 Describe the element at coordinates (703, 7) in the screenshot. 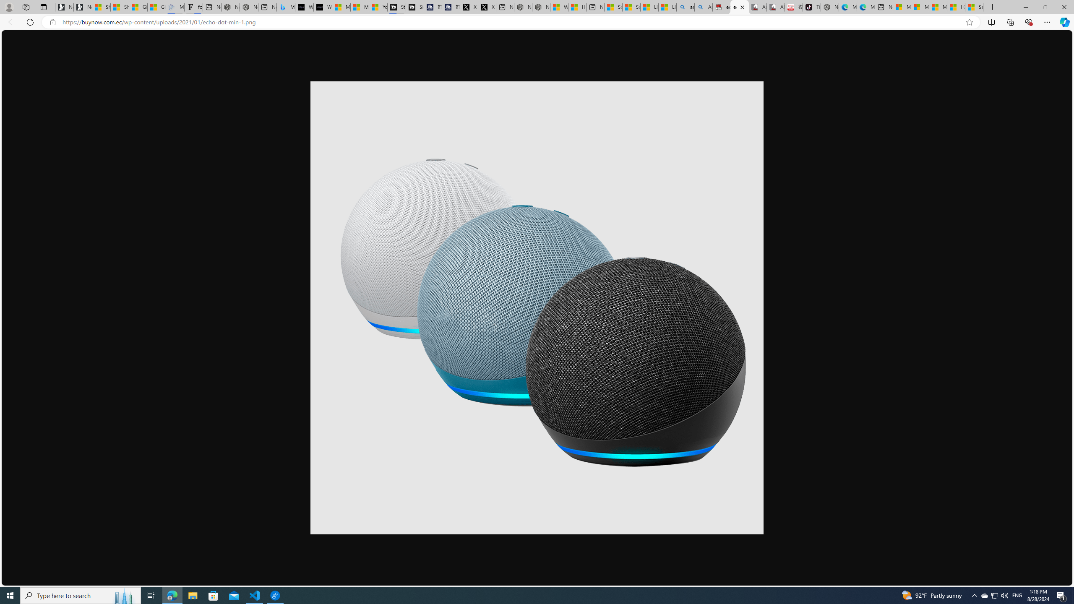

I see `'Amazon Echo Dot PNG - Search Images'` at that location.